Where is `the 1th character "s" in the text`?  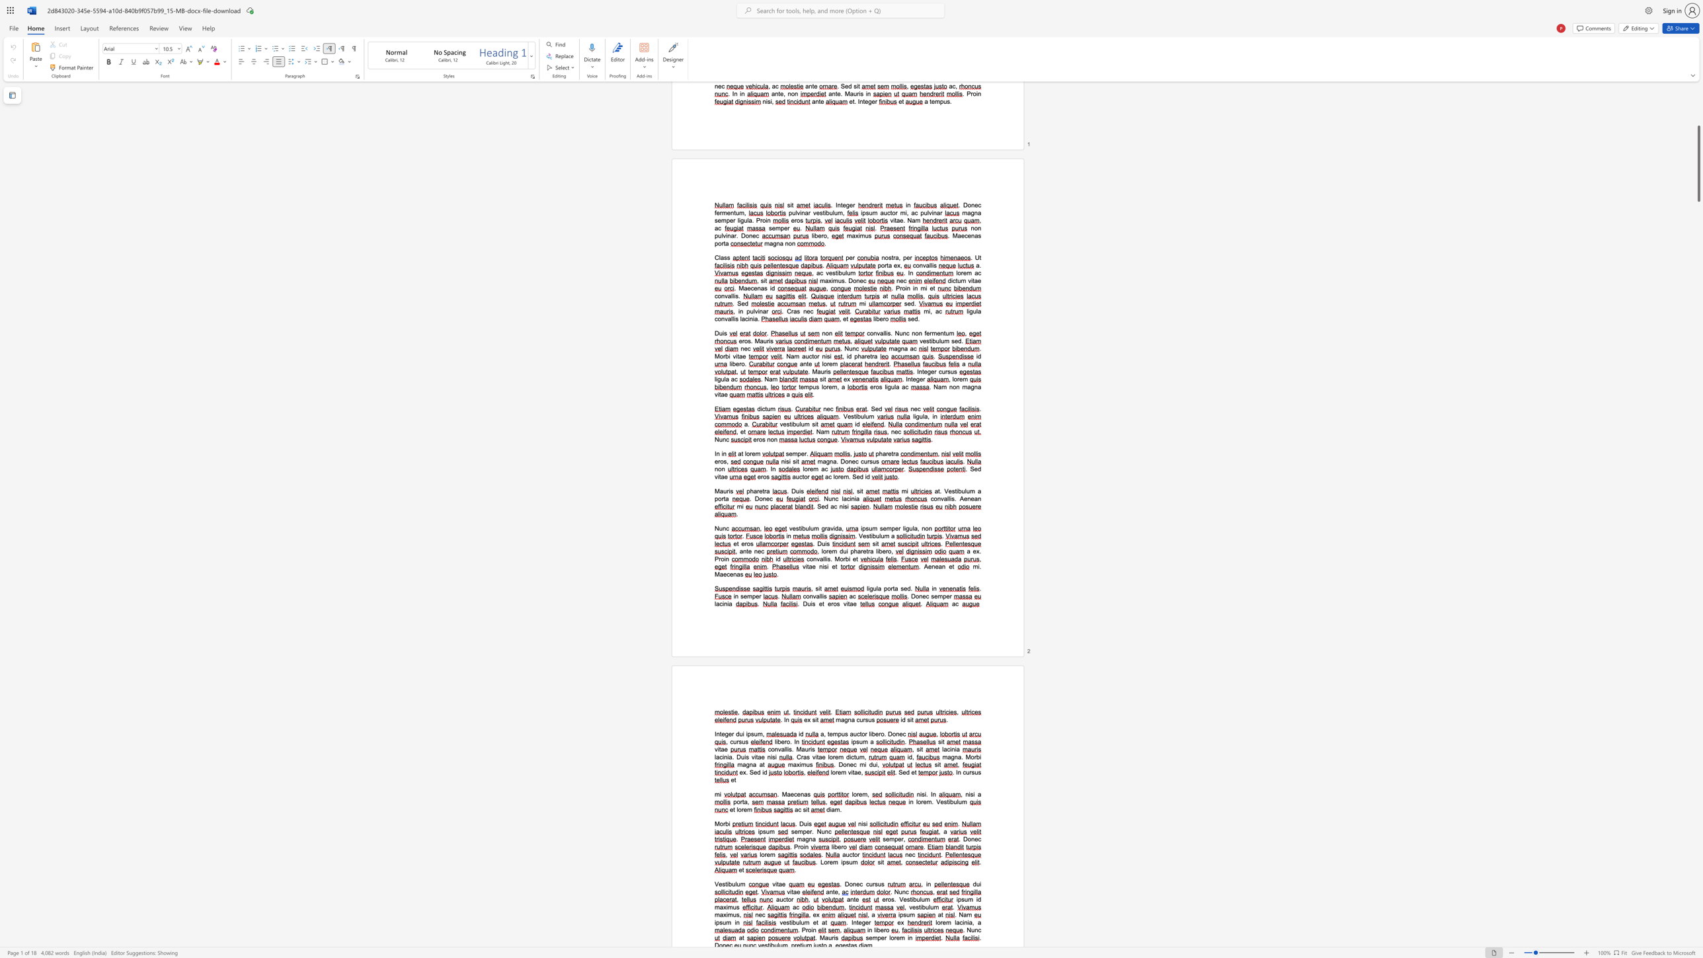 the 1th character "s" in the text is located at coordinates (720, 922).